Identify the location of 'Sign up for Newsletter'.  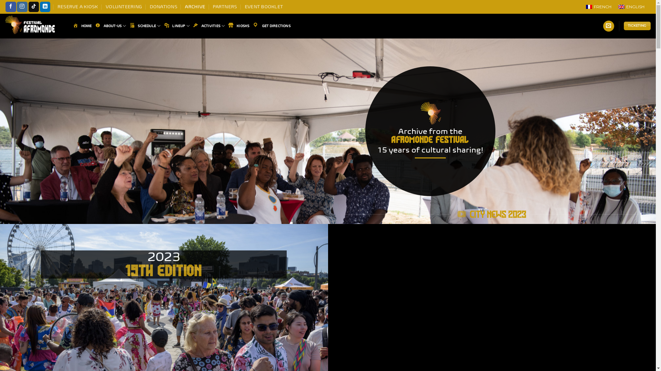
(608, 26).